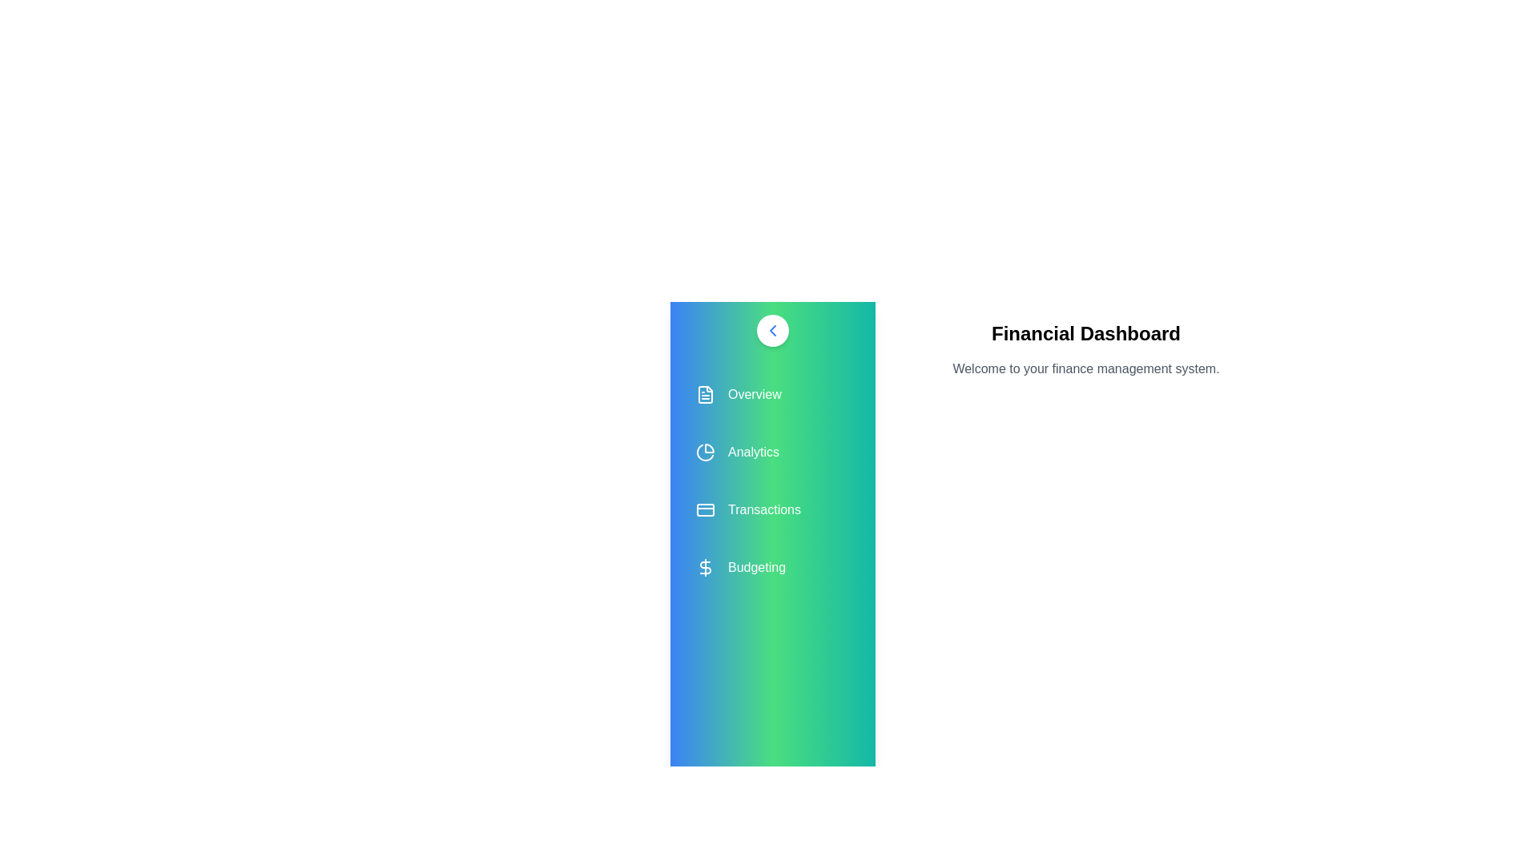  What do you see at coordinates (772, 329) in the screenshot?
I see `chevron button to toggle the drawer state` at bounding box center [772, 329].